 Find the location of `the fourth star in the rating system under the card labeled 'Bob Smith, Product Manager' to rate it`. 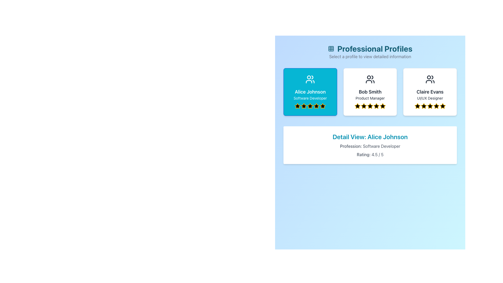

the fourth star in the rating system under the card labeled 'Bob Smith, Product Manager' to rate it is located at coordinates (376, 106).